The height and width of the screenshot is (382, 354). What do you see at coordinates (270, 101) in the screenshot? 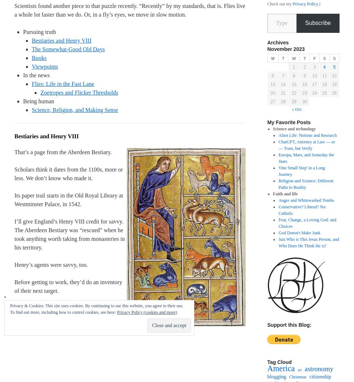
I see `'27'` at bounding box center [270, 101].